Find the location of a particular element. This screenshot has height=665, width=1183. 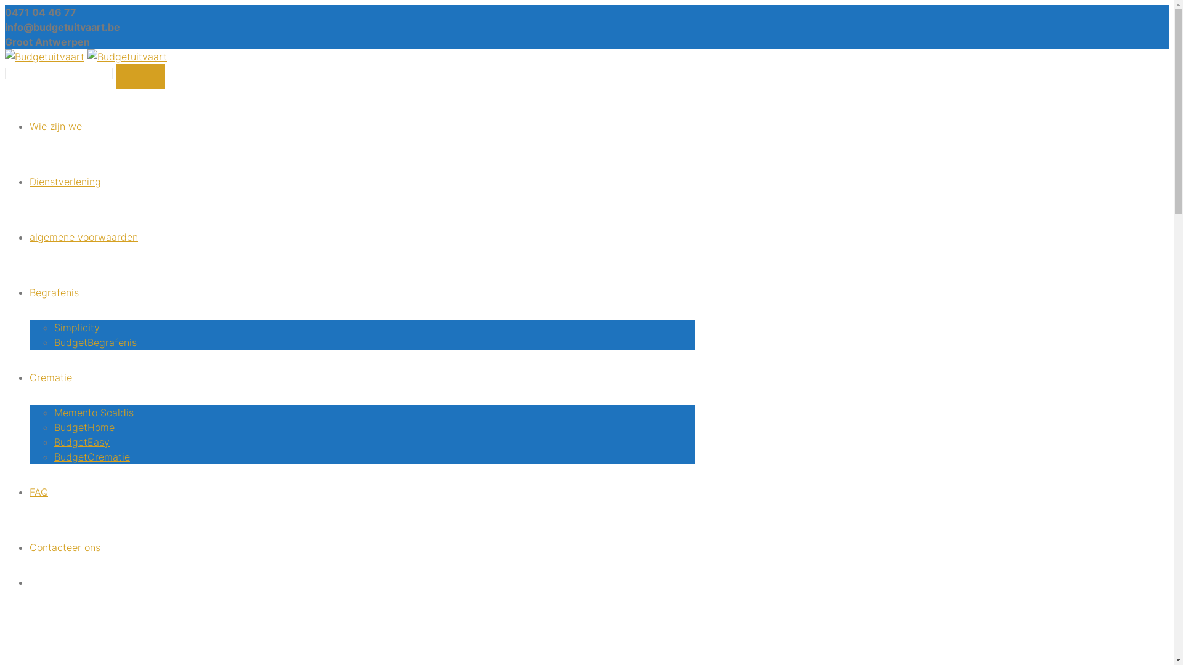

'BudgetCrematie' is located at coordinates (91, 456).